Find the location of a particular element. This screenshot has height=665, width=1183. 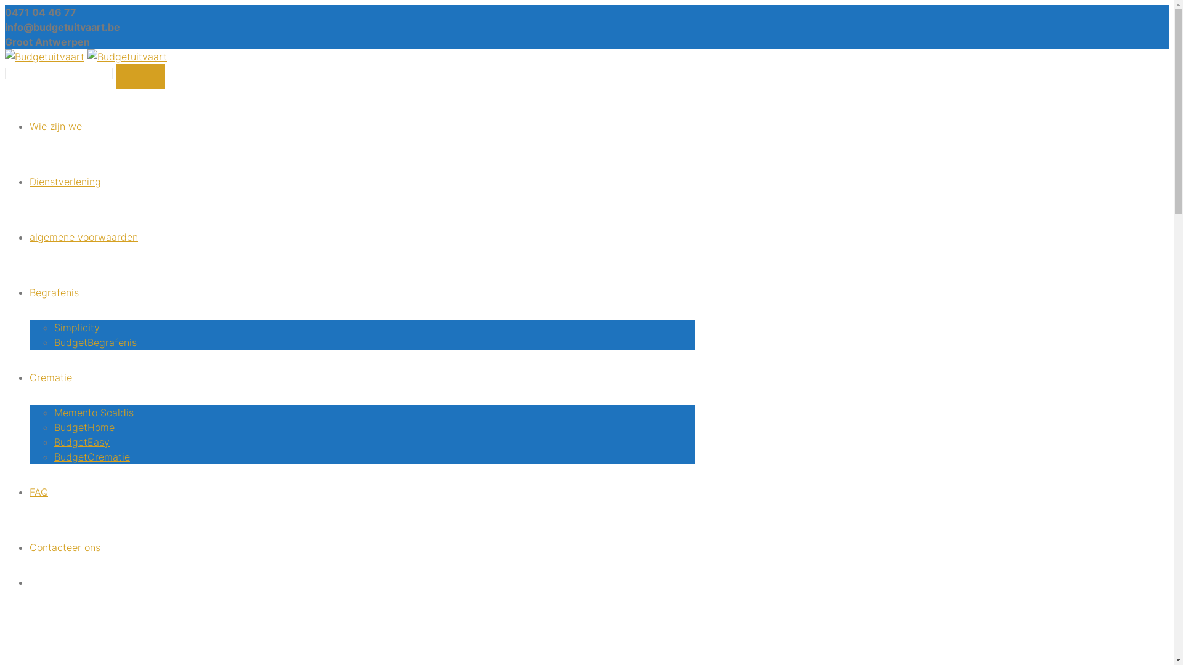

'BudgetCrematie' is located at coordinates (91, 456).